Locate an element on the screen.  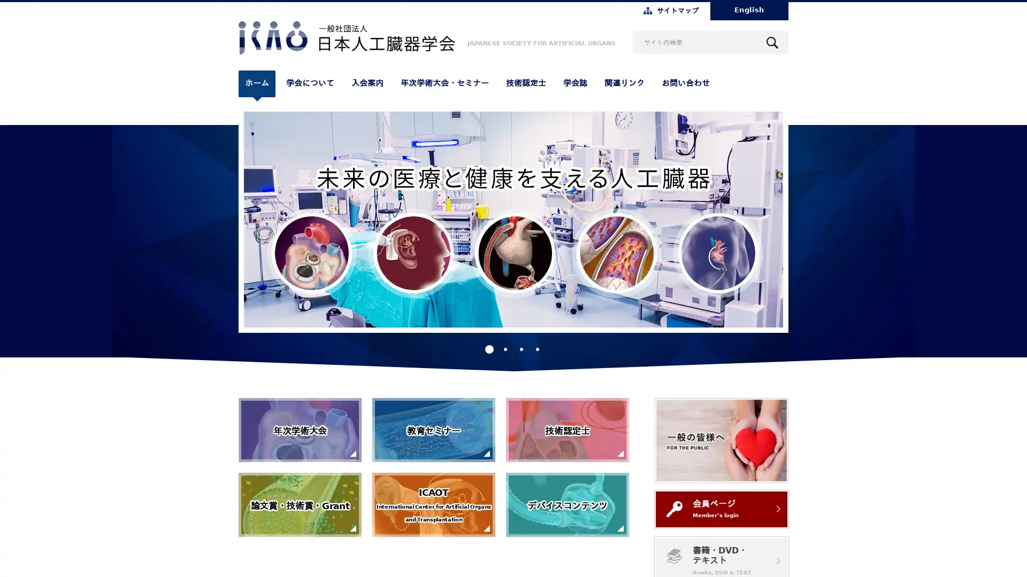
Search is located at coordinates (772, 42).